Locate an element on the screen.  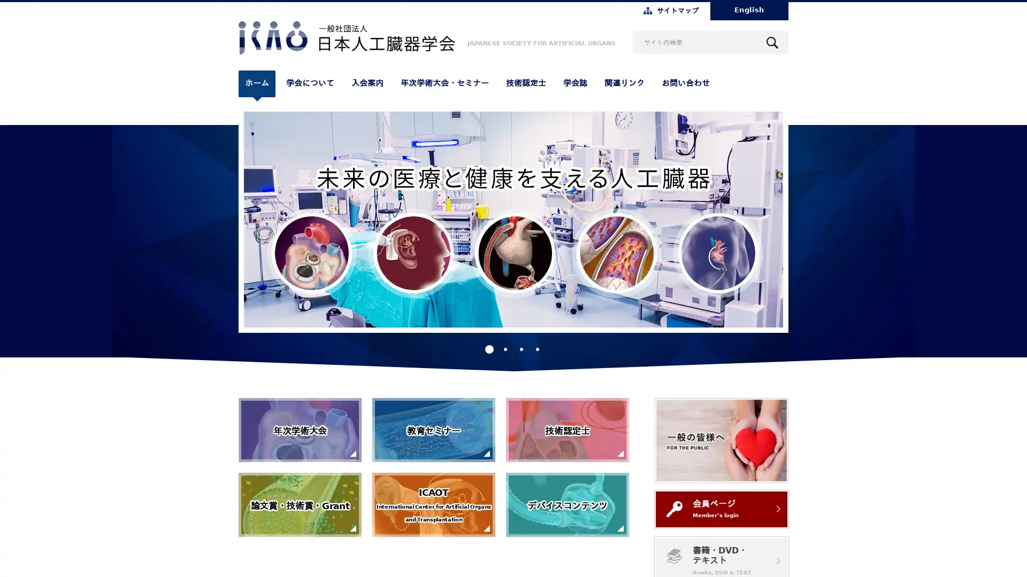
Search is located at coordinates (772, 42).